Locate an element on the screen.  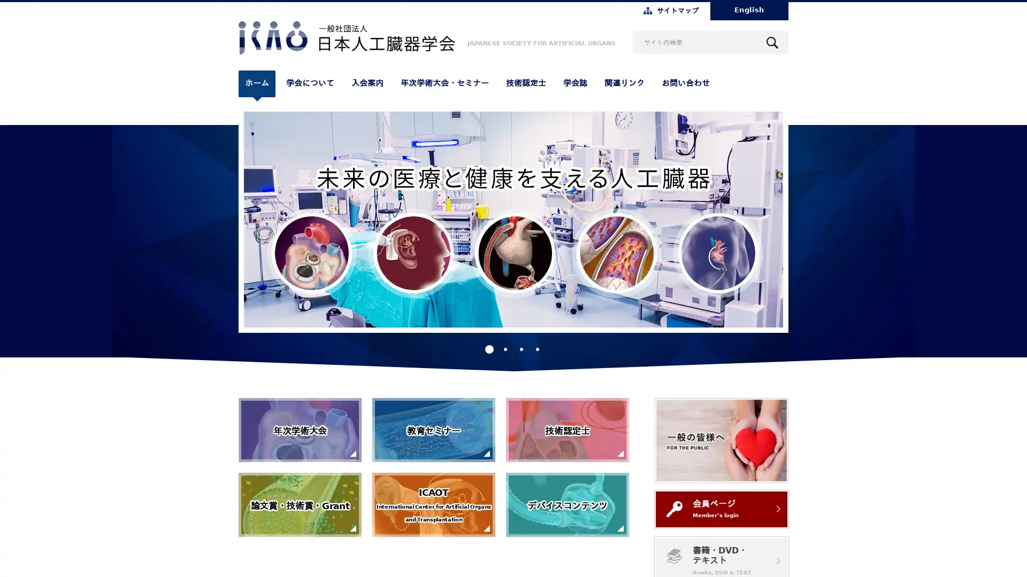
Search is located at coordinates (772, 42).